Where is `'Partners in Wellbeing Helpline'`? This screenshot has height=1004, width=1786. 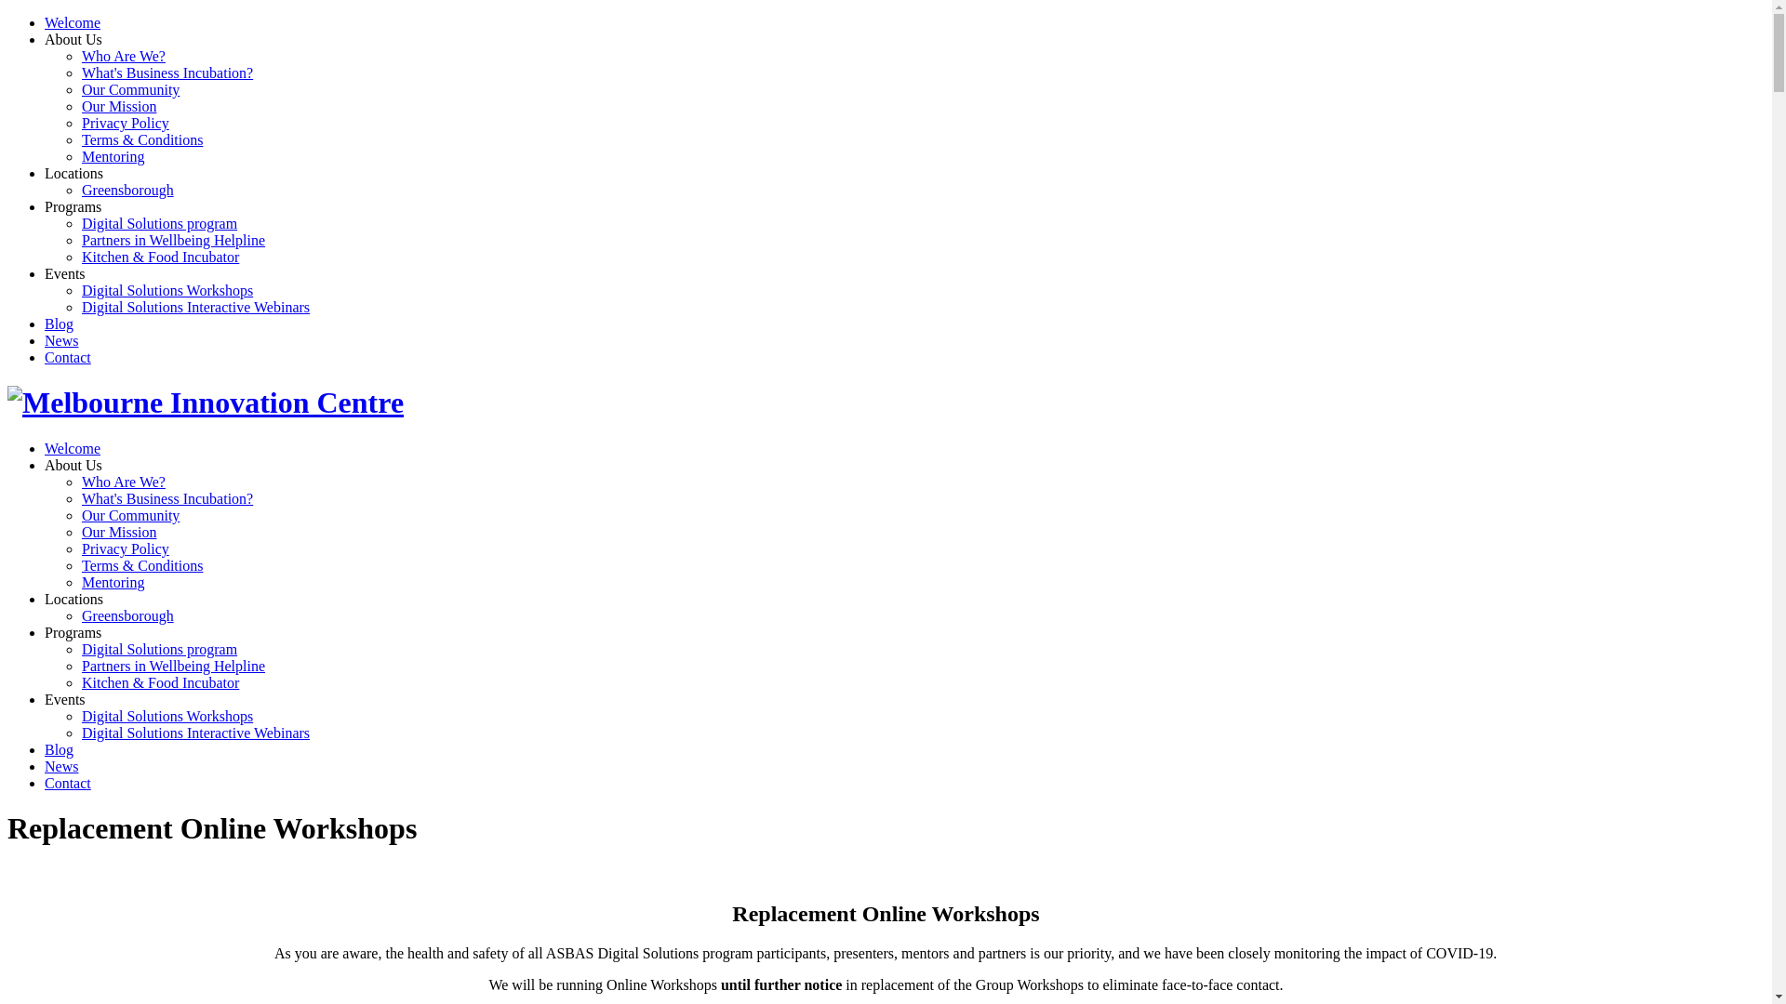 'Partners in Wellbeing Helpline' is located at coordinates (80, 239).